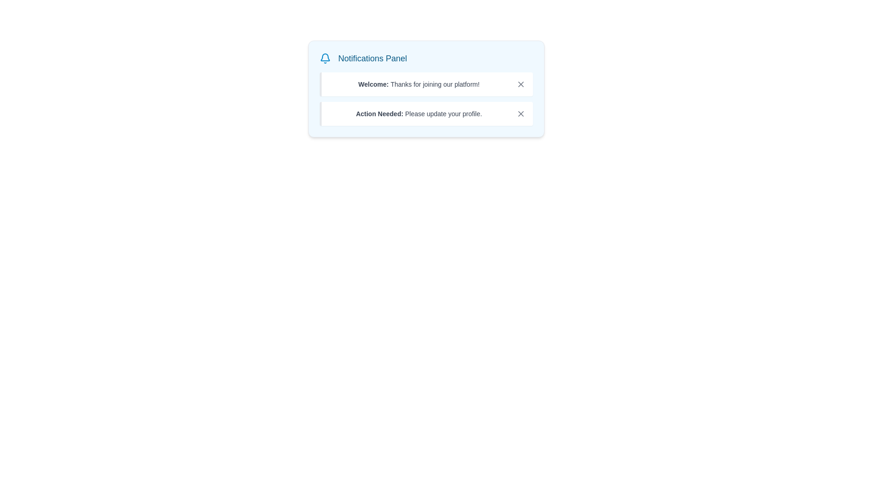 This screenshot has height=498, width=886. I want to click on the text label that greets the user and introduces the subsequent content in the Notifications Panel, located at the top-central area of the interface, so click(374, 84).